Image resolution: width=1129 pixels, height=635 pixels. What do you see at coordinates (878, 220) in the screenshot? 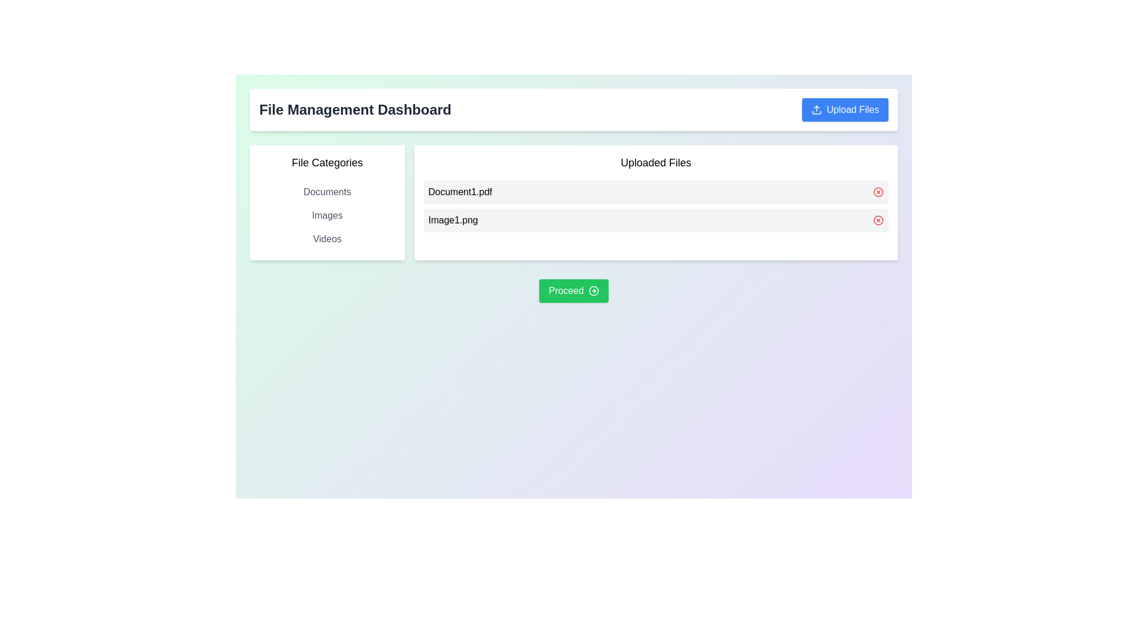
I see `the second SVG circle icon located in the 'Uploaded Files' section, which is part of the second file row to the far right` at bounding box center [878, 220].